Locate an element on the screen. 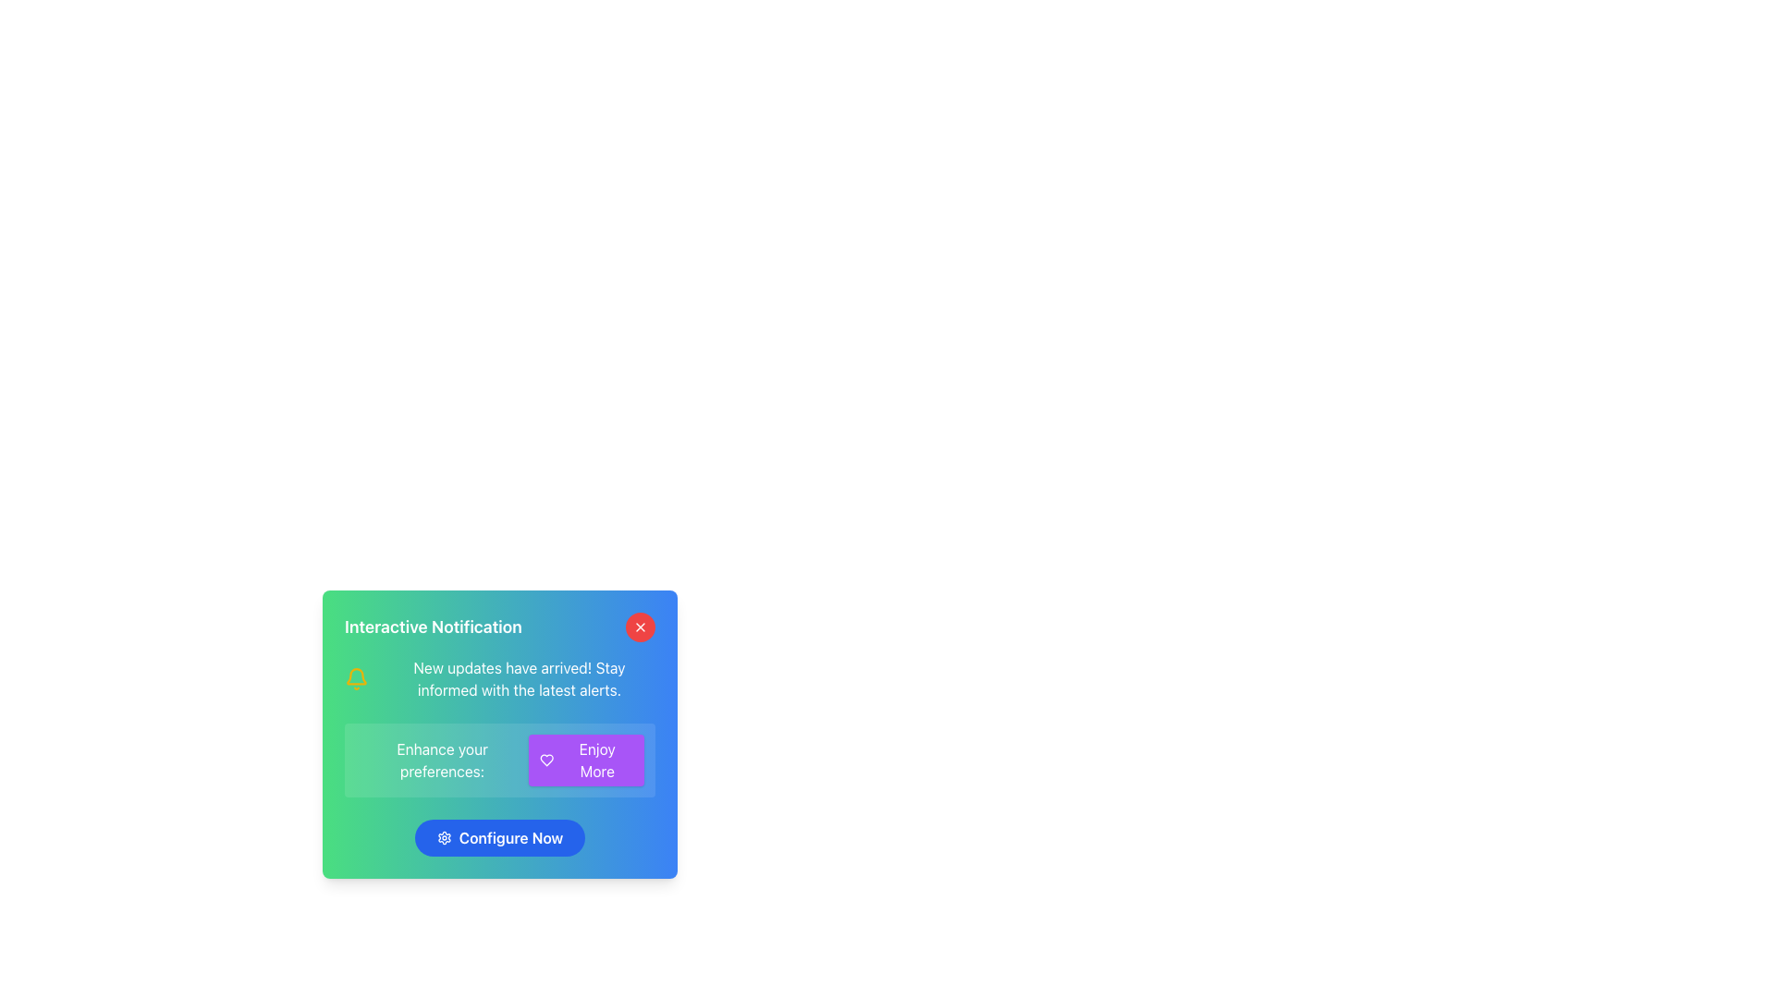 This screenshot has height=998, width=1775. the configuration button located at the bottom center of the 'Interactive Notification' card to observe any potential hover effects is located at coordinates (500, 837).